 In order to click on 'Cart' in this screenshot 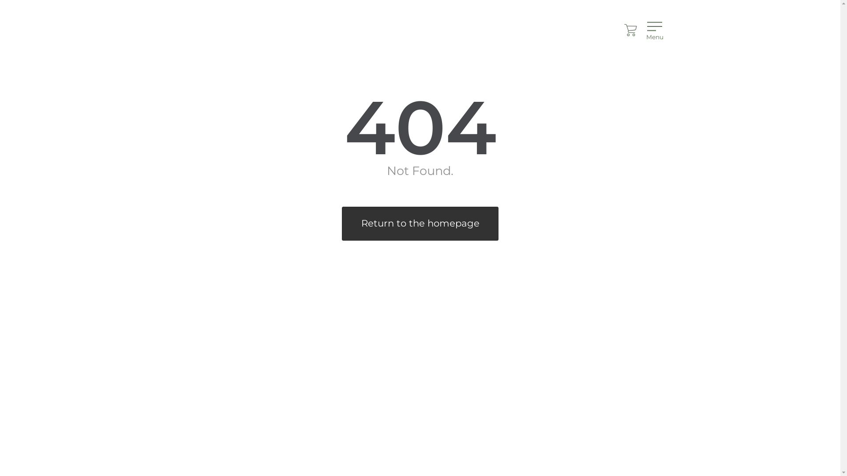, I will do `click(630, 30)`.